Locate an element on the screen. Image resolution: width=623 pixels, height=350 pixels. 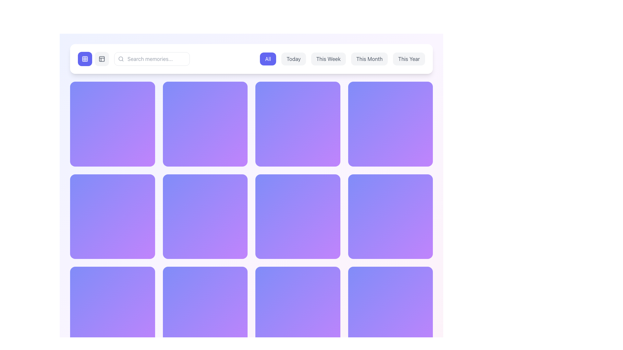
the circular button located is located at coordinates (422, 185).